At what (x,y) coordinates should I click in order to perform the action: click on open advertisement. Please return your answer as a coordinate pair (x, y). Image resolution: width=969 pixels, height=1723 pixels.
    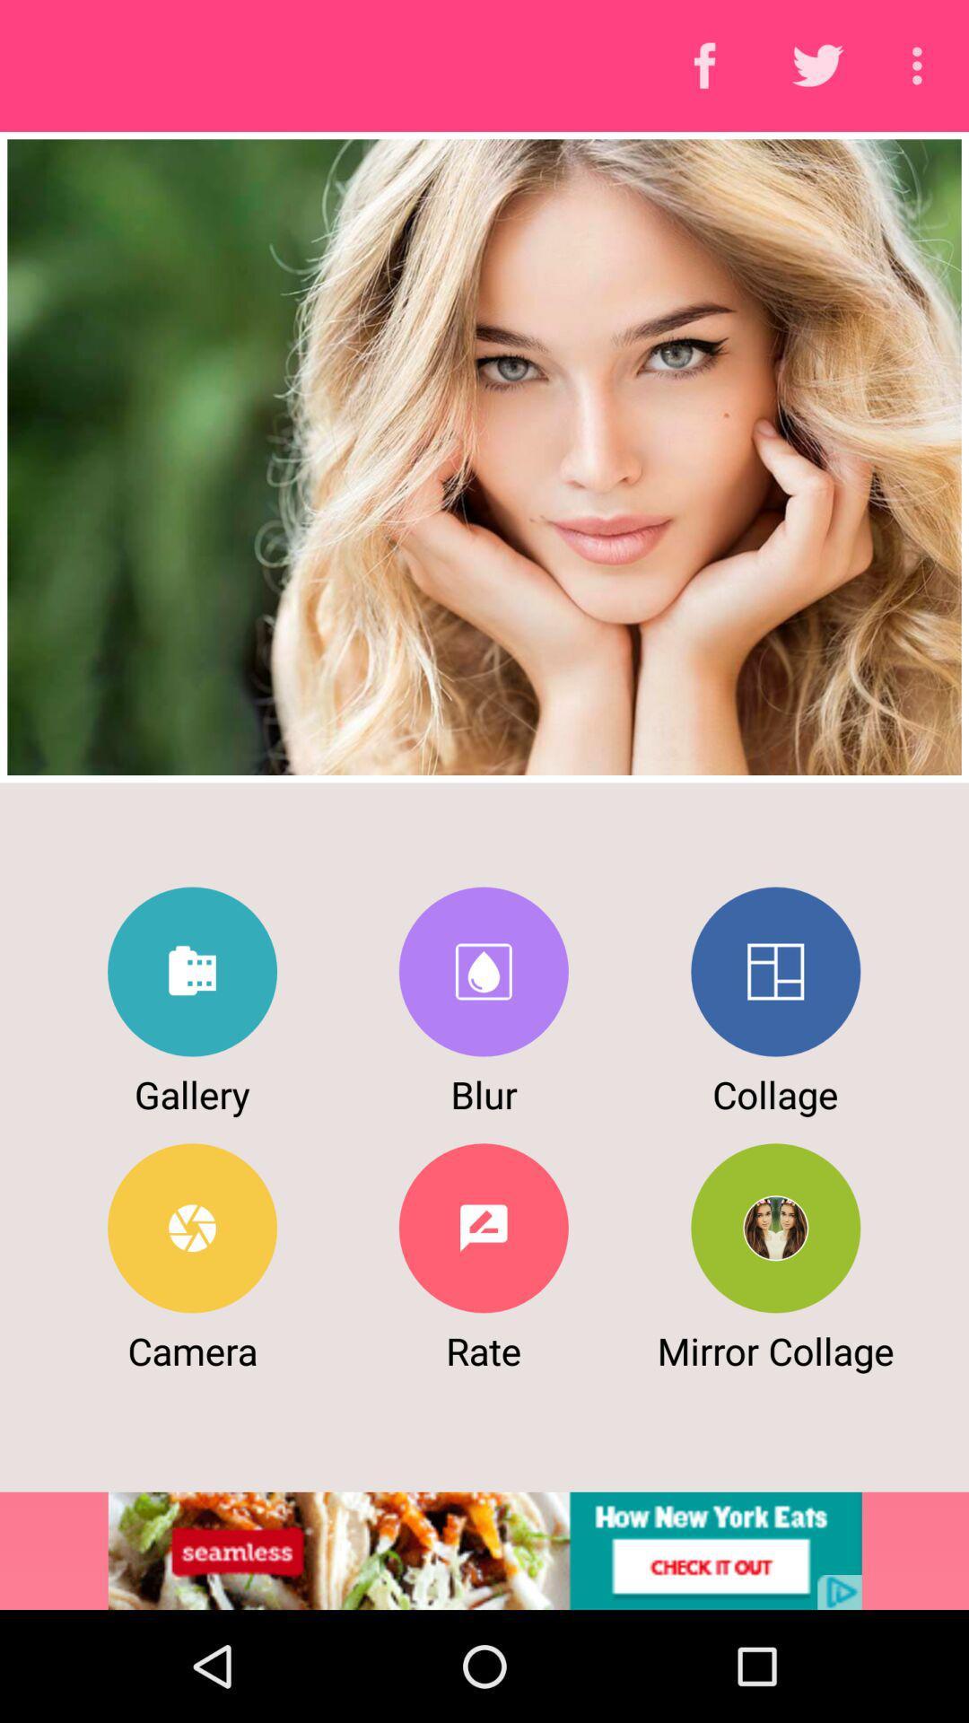
    Looking at the image, I should click on (484, 1550).